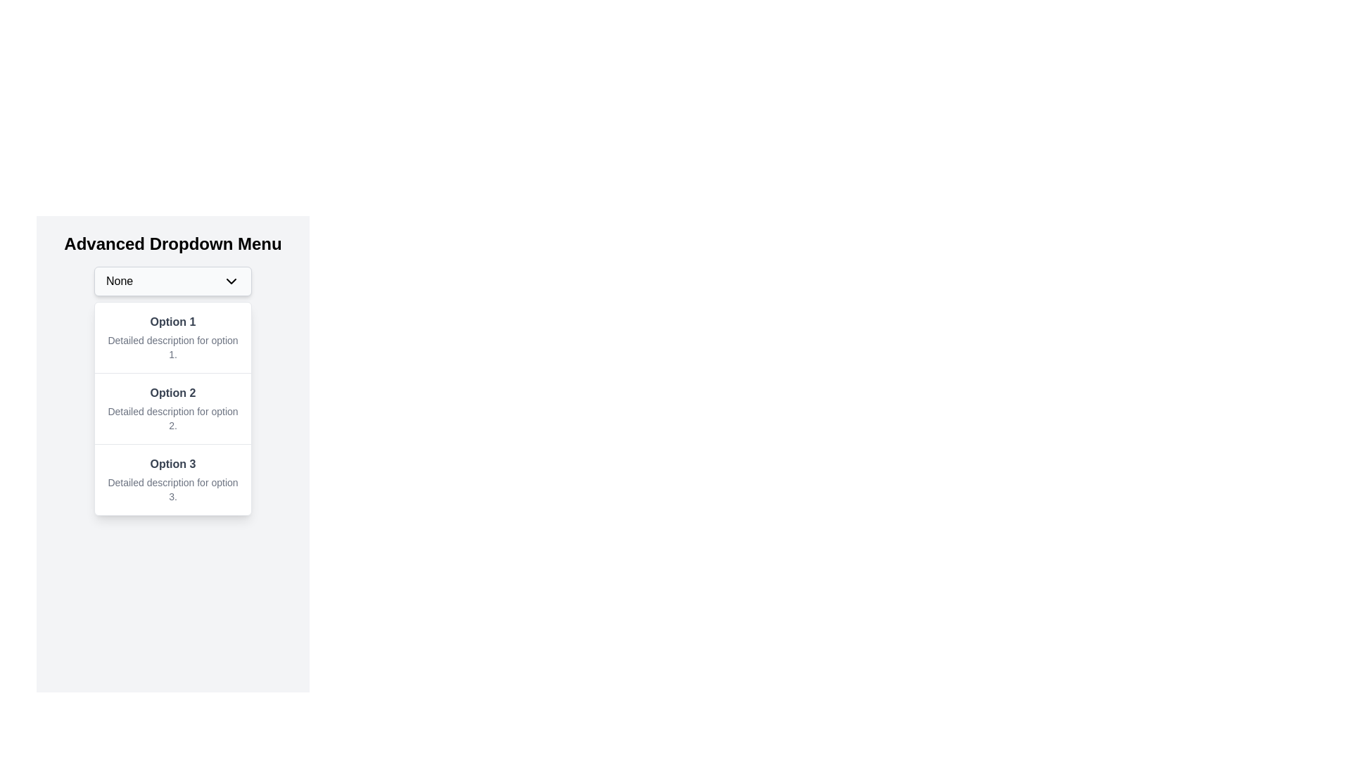 This screenshot has height=760, width=1351. What do you see at coordinates (172, 488) in the screenshot?
I see `the descriptive label that provides an explanation for 'Option 3' in the dropdown menu, located directly below the bold text 'Option 3'` at bounding box center [172, 488].